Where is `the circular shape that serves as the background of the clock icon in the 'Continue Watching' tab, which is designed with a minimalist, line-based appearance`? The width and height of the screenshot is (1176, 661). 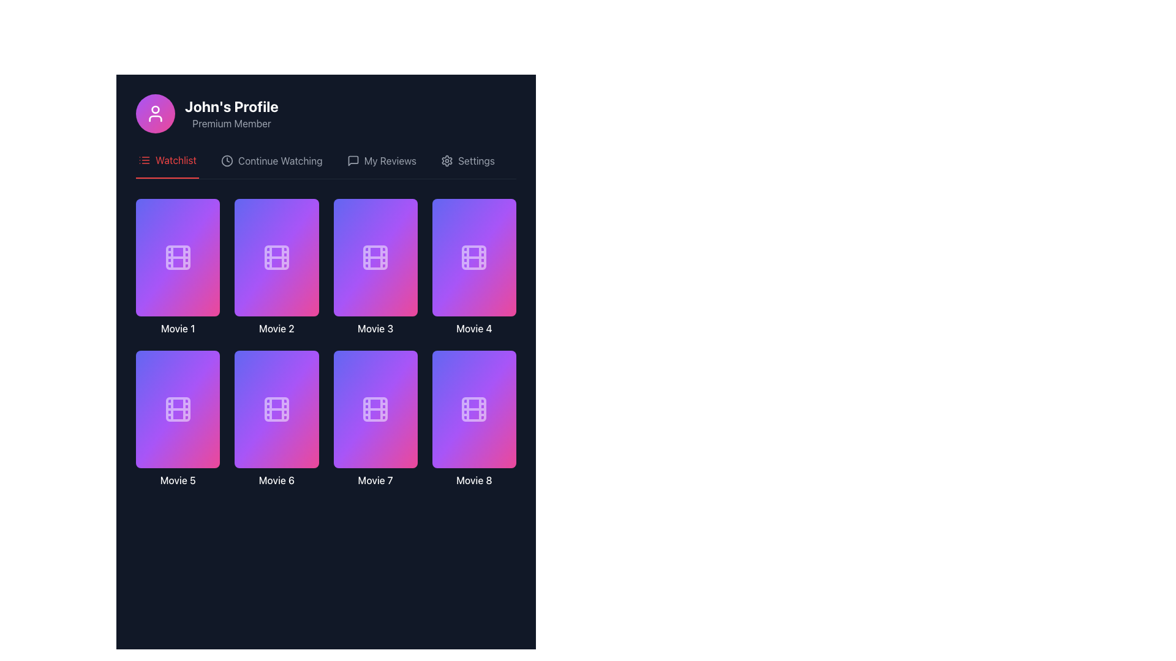 the circular shape that serves as the background of the clock icon in the 'Continue Watching' tab, which is designed with a minimalist, line-based appearance is located at coordinates (227, 160).